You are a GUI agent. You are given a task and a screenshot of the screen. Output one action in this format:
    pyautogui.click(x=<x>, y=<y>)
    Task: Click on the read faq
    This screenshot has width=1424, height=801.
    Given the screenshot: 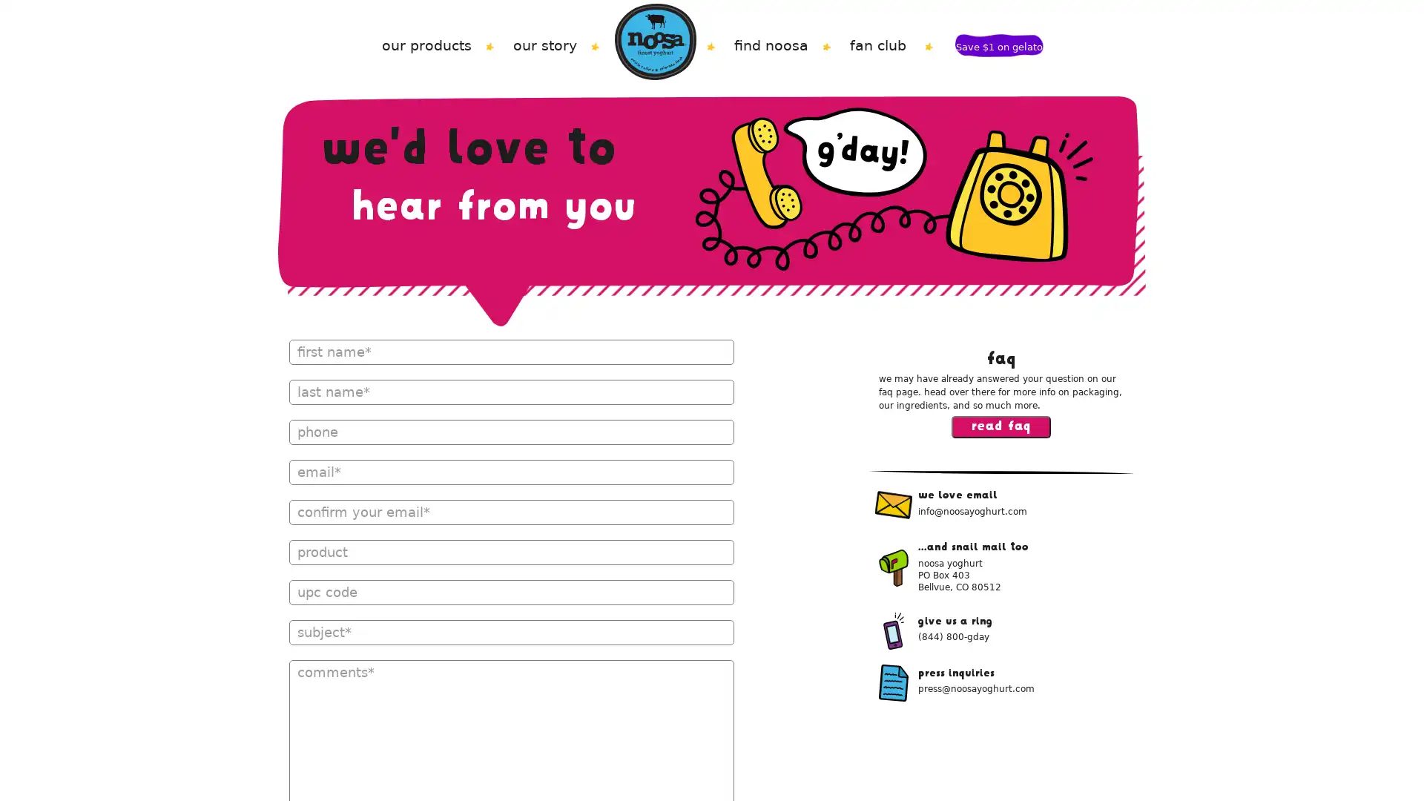 What is the action you would take?
    pyautogui.click(x=1001, y=426)
    